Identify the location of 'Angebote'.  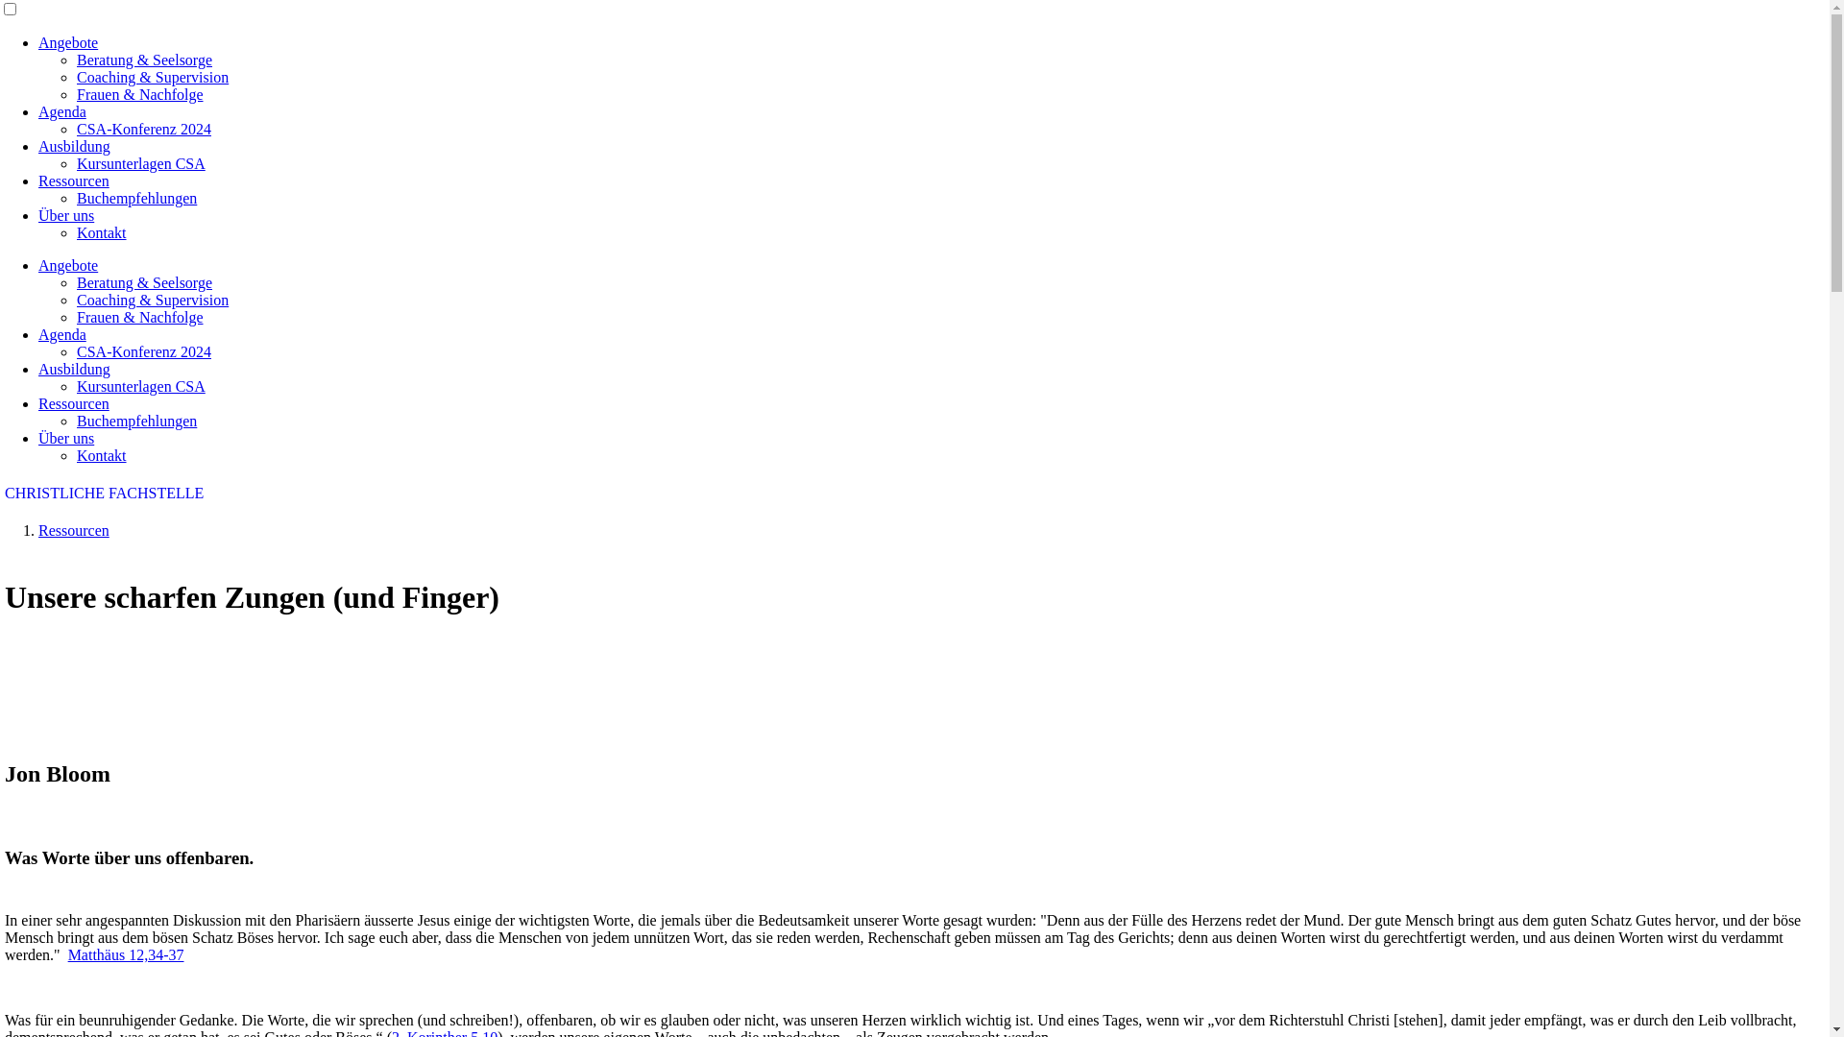
(68, 42).